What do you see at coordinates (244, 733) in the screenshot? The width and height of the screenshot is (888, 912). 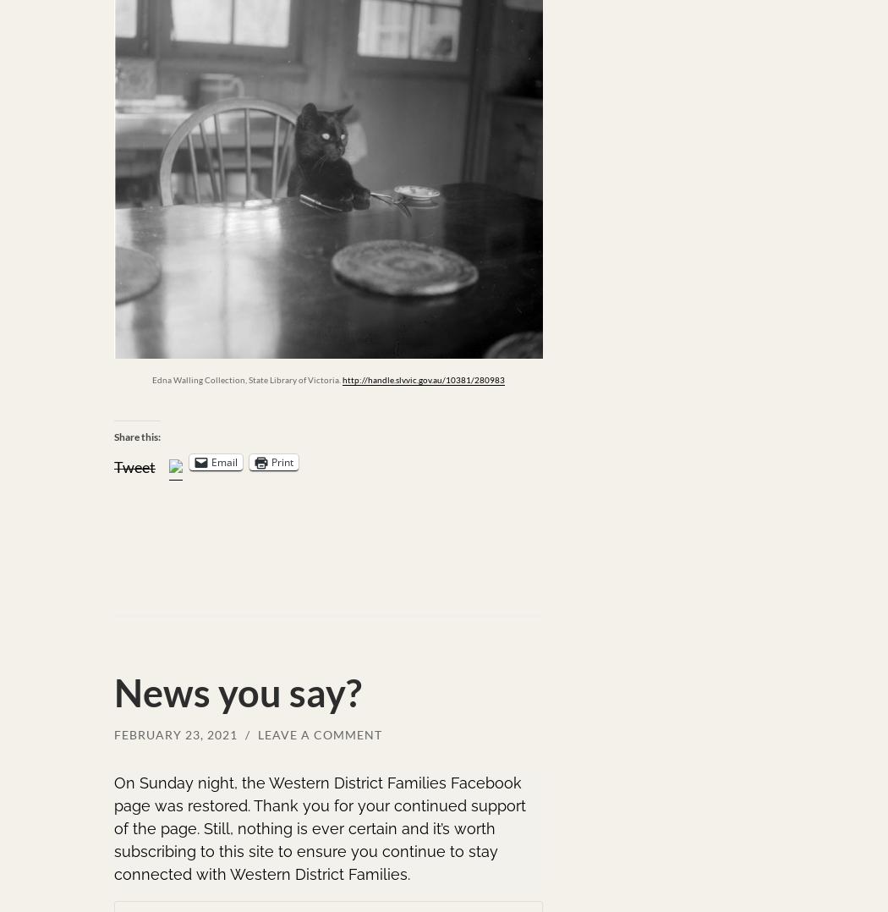 I see `'/'` at bounding box center [244, 733].